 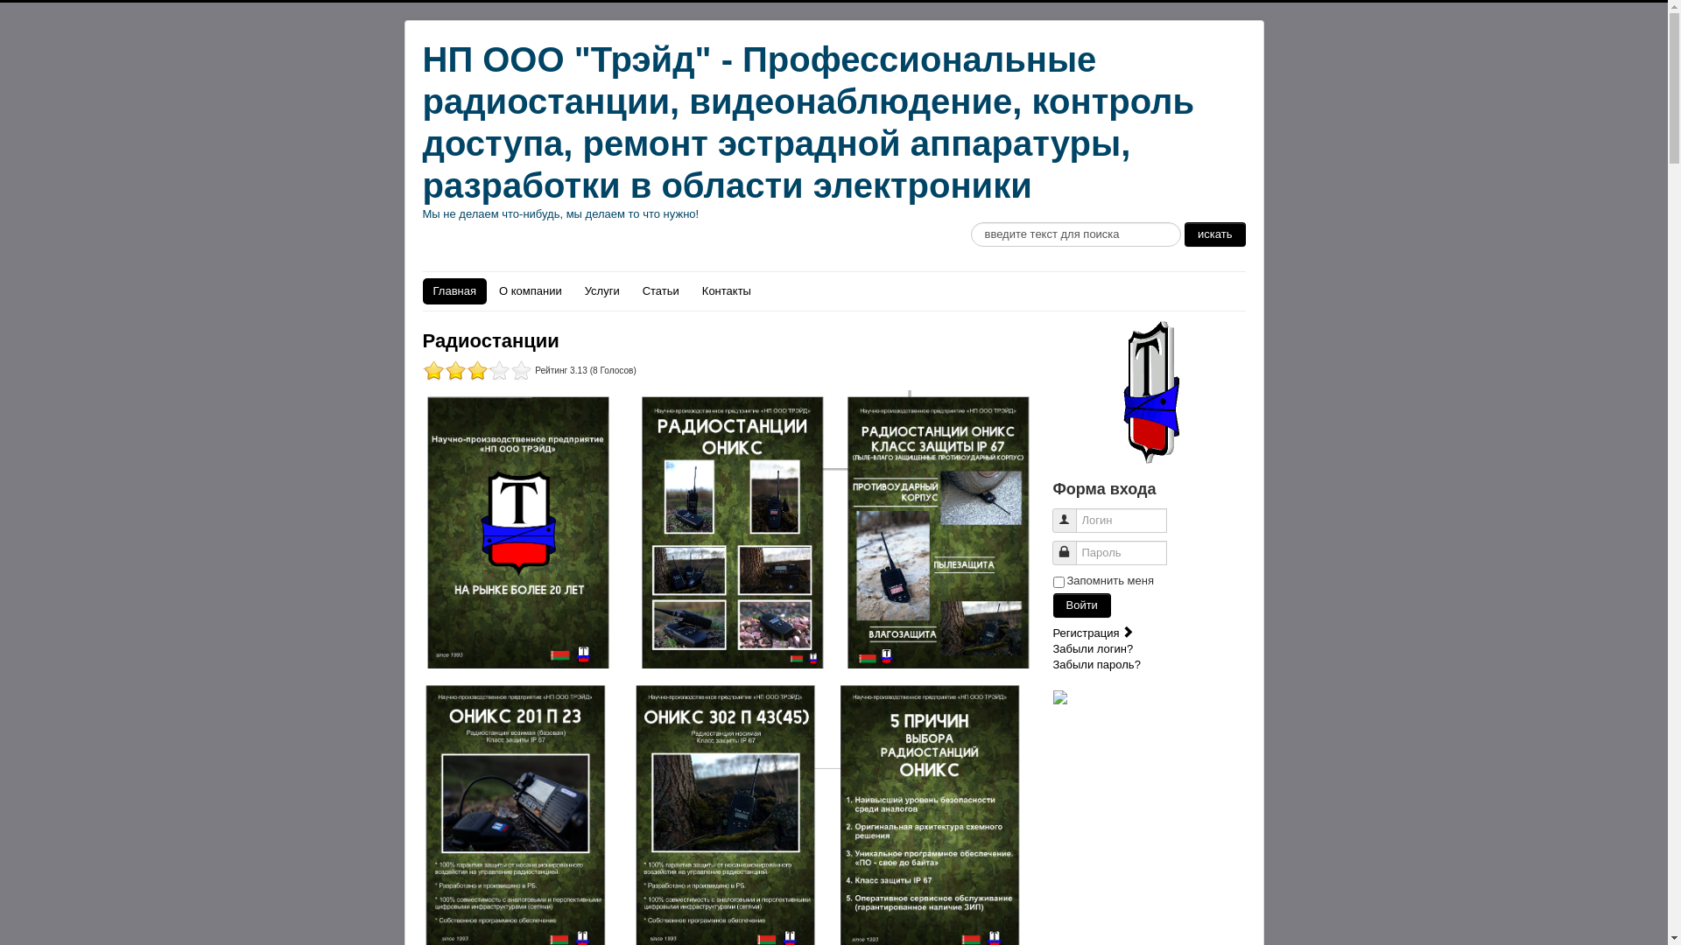 What do you see at coordinates (454, 369) in the screenshot?
I see `'1'` at bounding box center [454, 369].